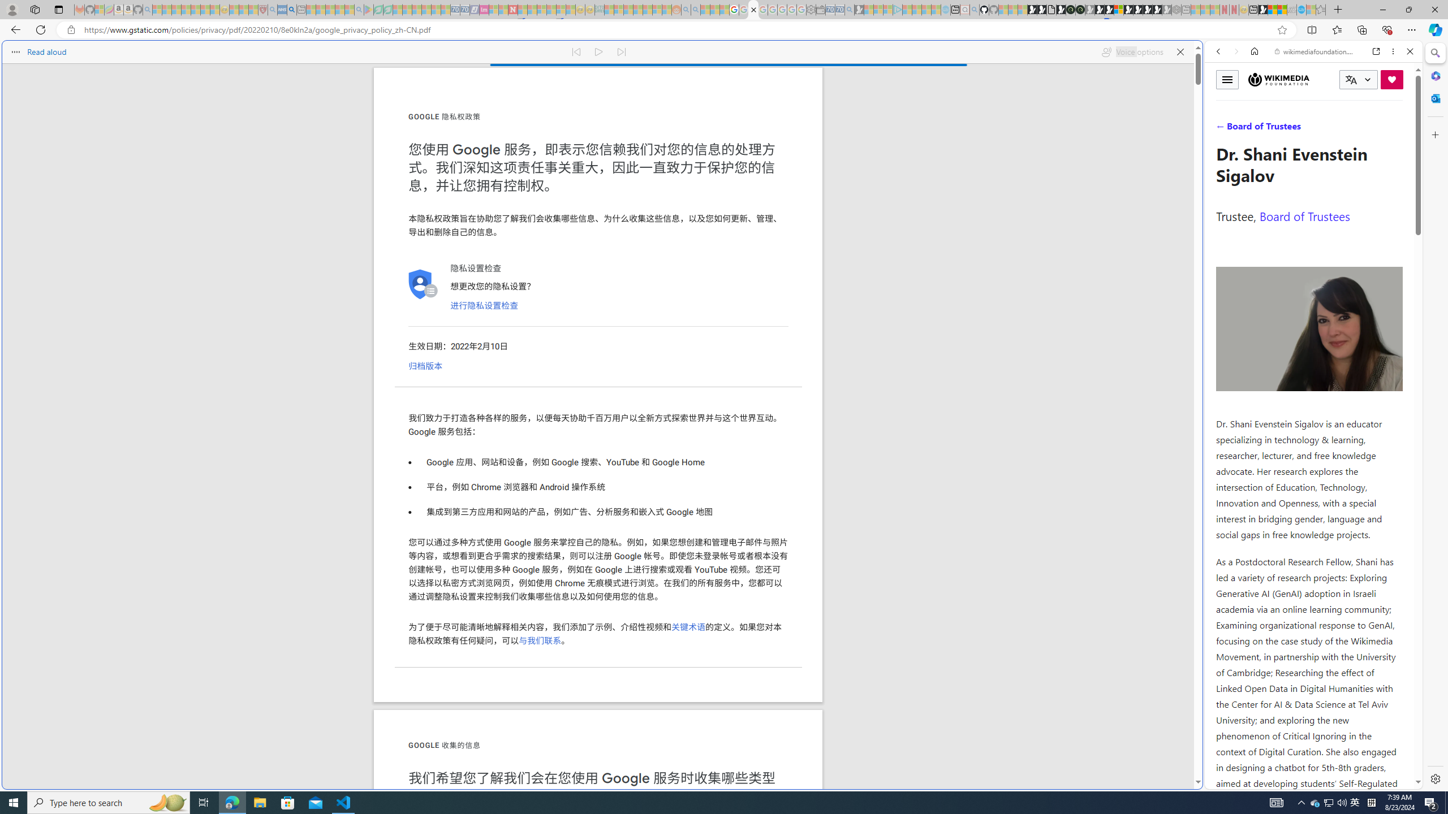 The width and height of the screenshot is (1448, 814). What do you see at coordinates (1278, 80) in the screenshot?
I see `'Wikimedia Foundation'` at bounding box center [1278, 80].